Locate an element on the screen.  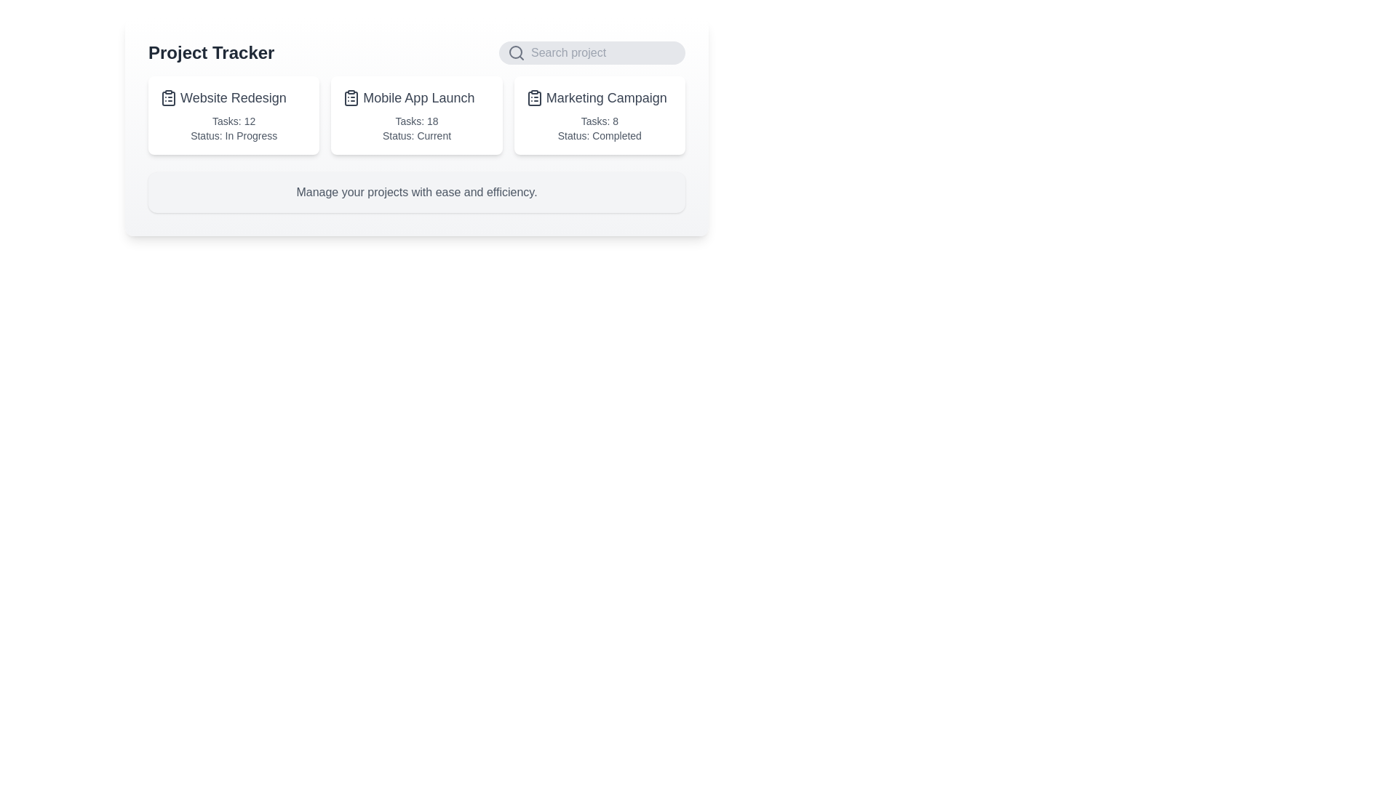
the label with an accompanying icon that serves as the title for a project or section is located at coordinates (234, 98).